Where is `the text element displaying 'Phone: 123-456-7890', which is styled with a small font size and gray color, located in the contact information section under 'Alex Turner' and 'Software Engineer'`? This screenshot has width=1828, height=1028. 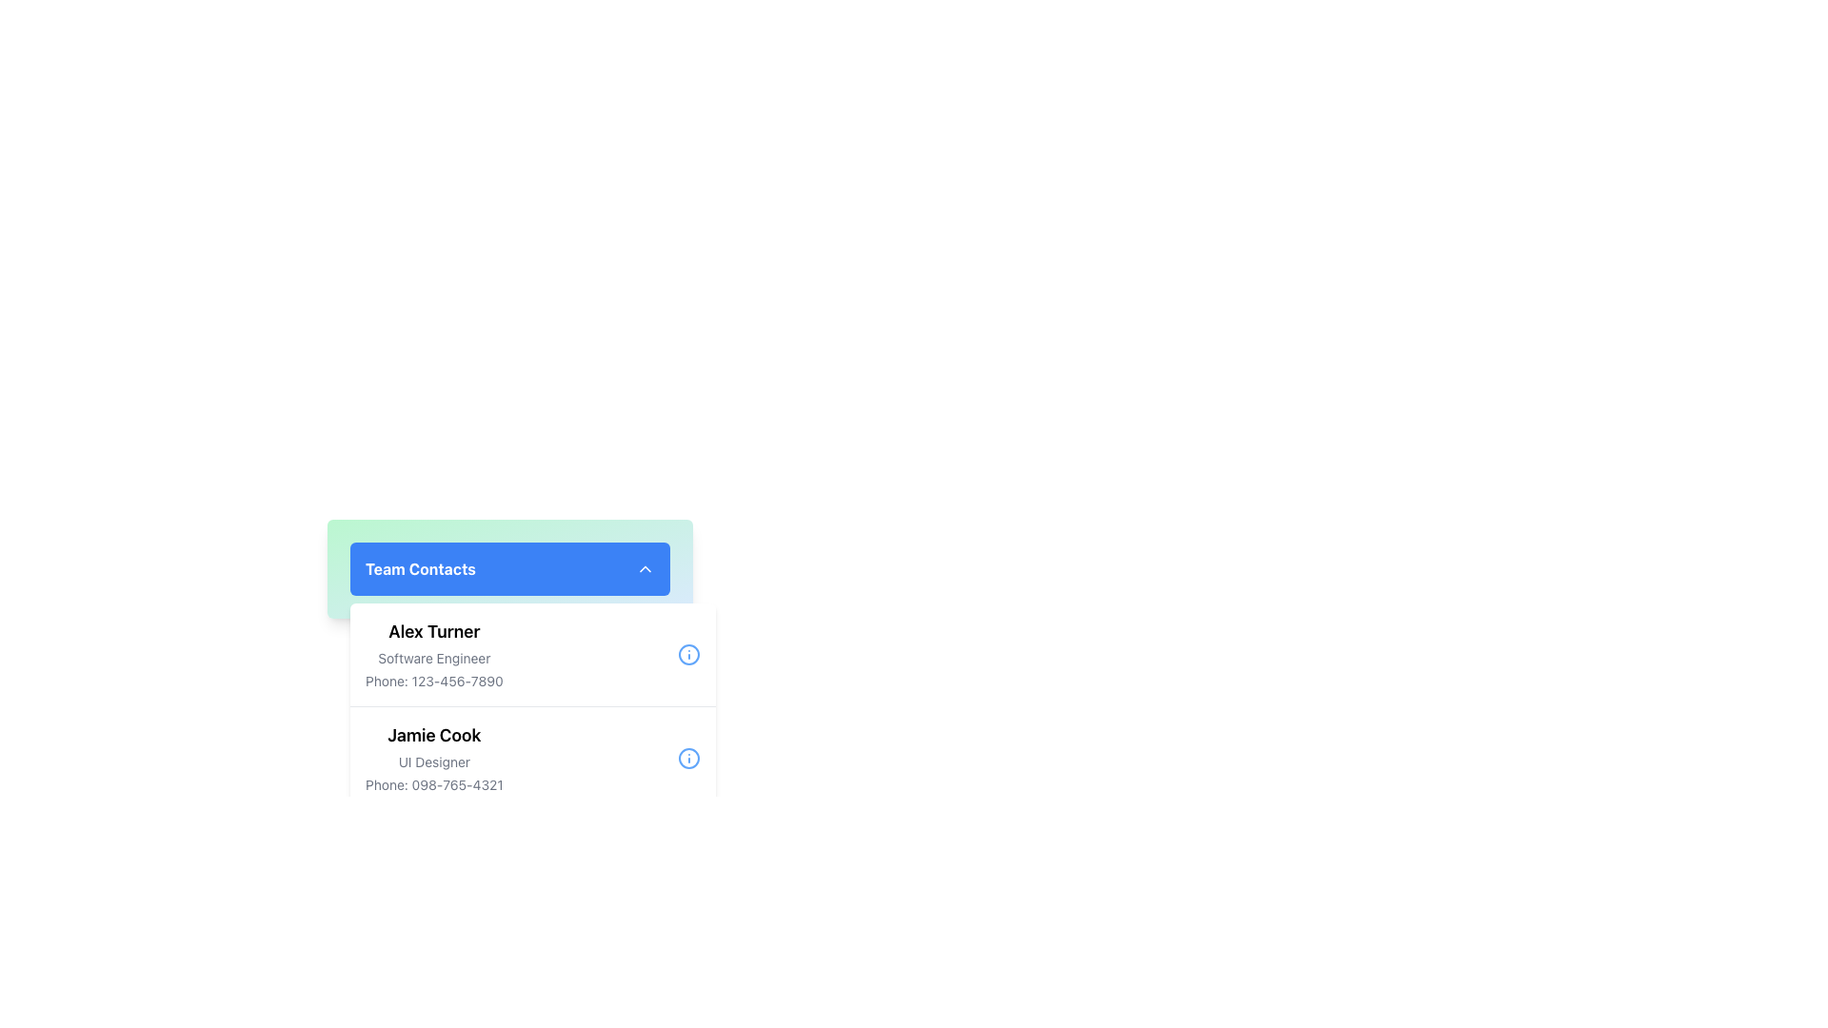
the text element displaying 'Phone: 123-456-7890', which is styled with a small font size and gray color, located in the contact information section under 'Alex Turner' and 'Software Engineer' is located at coordinates (433, 681).